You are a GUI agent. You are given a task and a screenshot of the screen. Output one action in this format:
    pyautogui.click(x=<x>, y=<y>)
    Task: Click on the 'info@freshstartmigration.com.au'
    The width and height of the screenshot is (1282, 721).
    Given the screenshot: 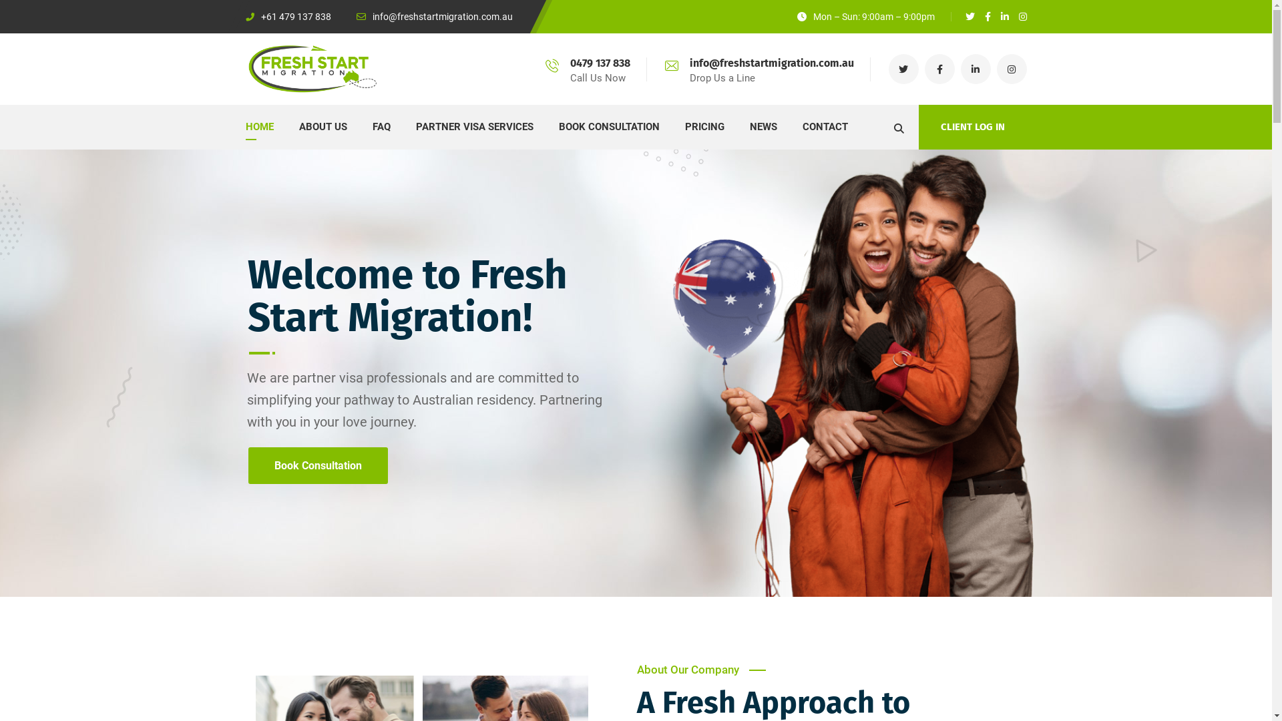 What is the action you would take?
    pyautogui.click(x=771, y=63)
    